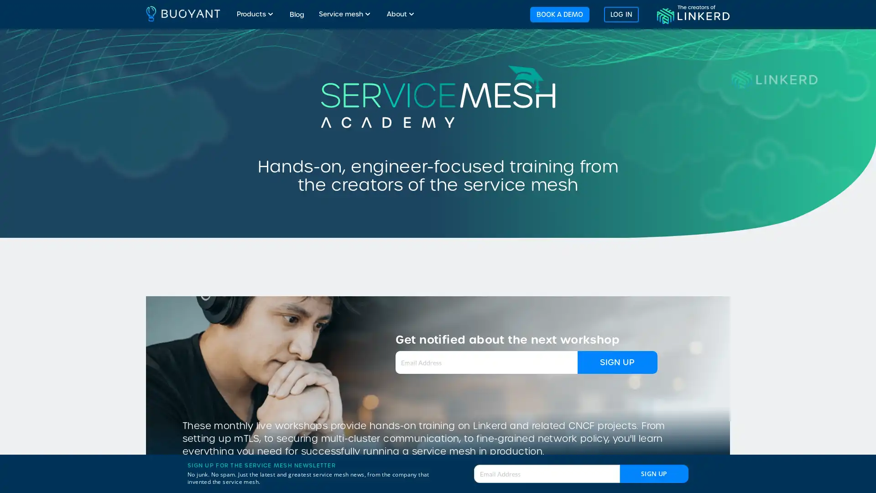 The width and height of the screenshot is (876, 493). I want to click on Sign up, so click(654, 473).